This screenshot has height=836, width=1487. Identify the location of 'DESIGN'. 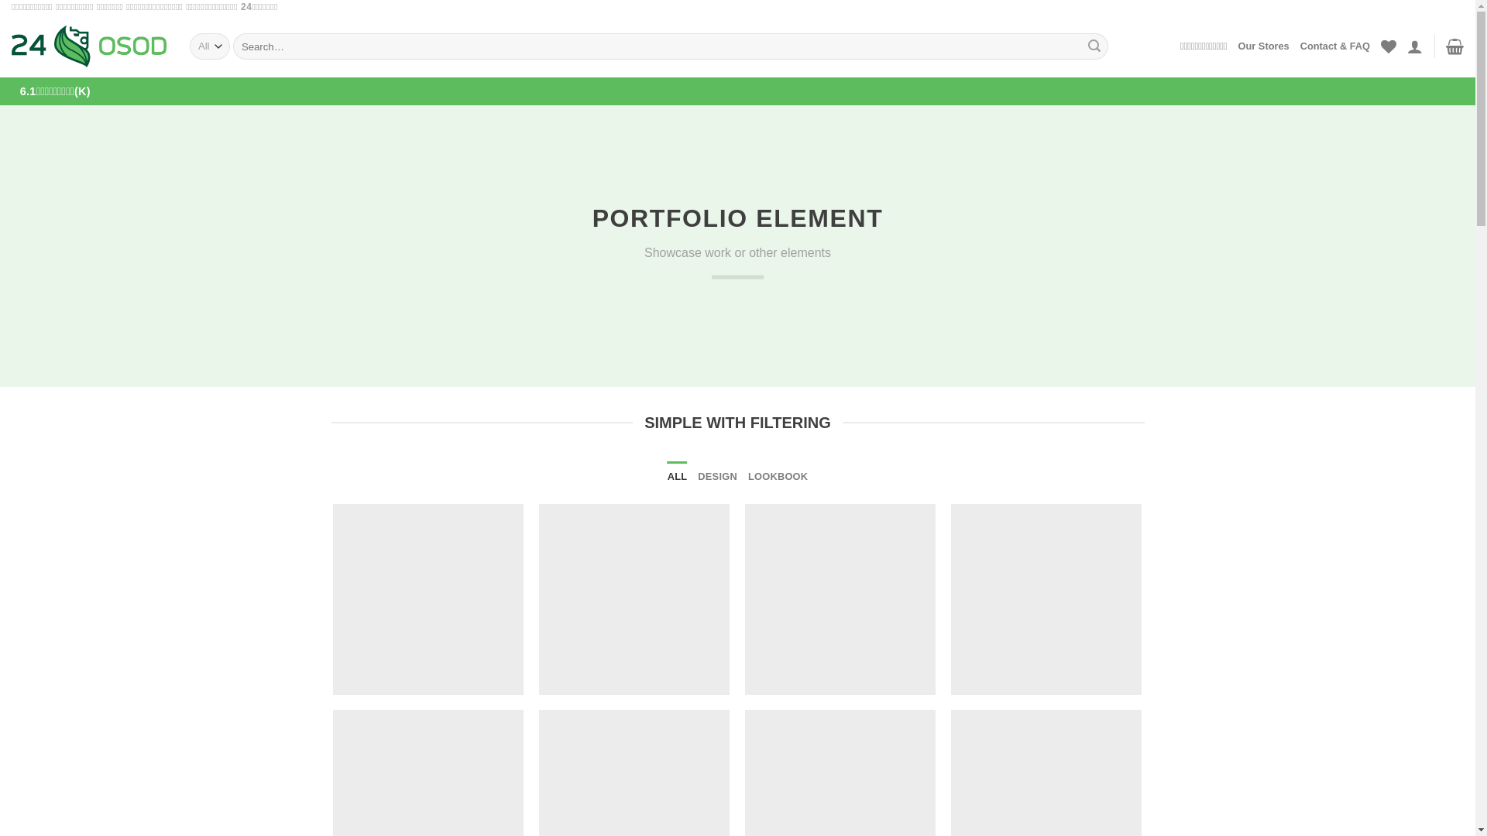
(697, 476).